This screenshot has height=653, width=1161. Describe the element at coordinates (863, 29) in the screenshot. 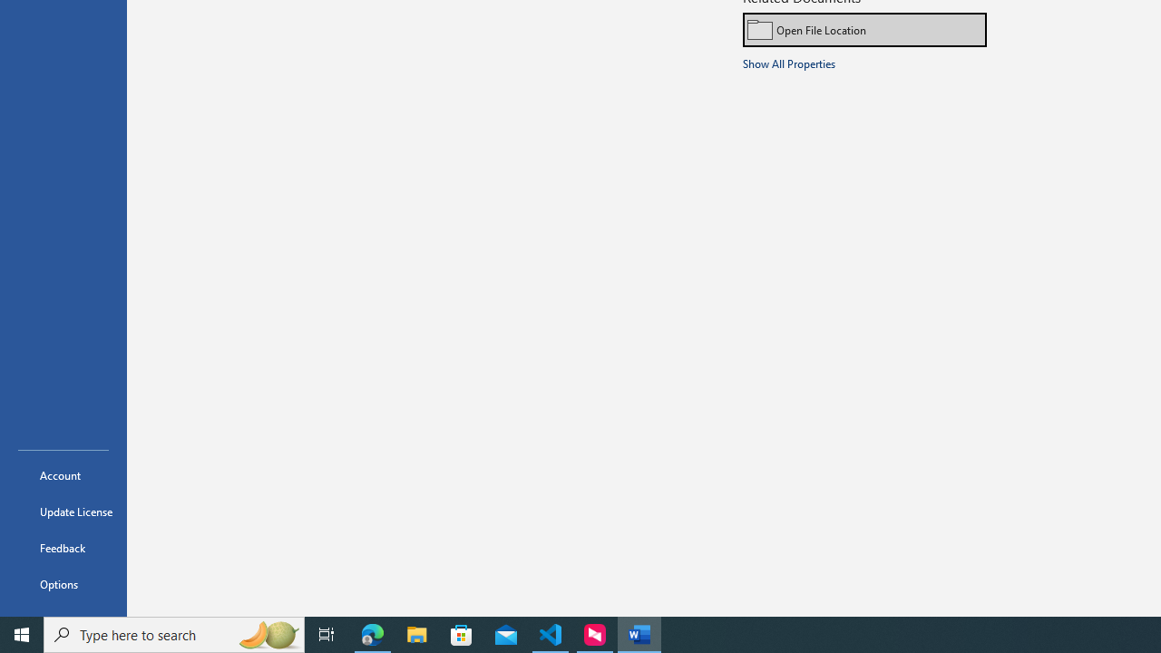

I see `'Open File Location'` at that location.